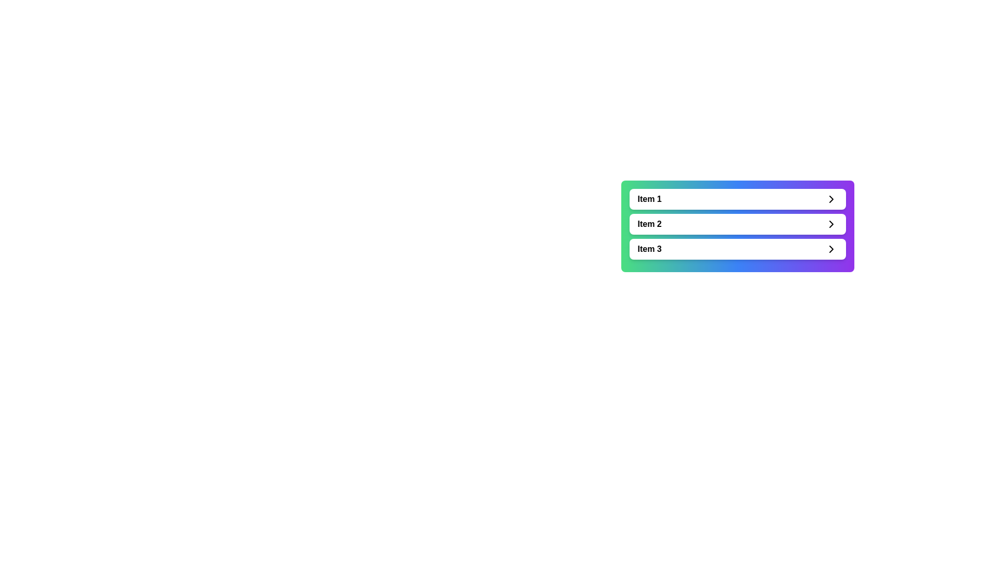 This screenshot has width=999, height=562. Describe the element at coordinates (737, 226) in the screenshot. I see `the navigational button labeled 'Item 2'` at that location.